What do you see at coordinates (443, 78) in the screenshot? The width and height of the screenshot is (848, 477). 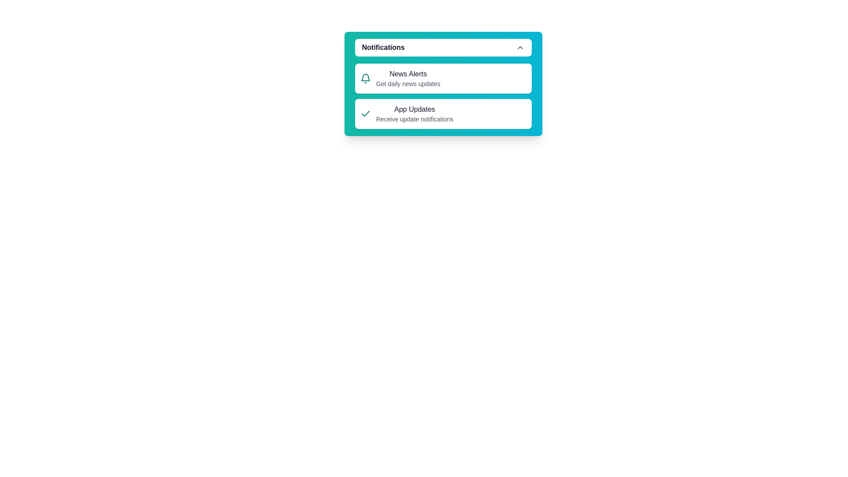 I see `the notification item News Alerts to highlight it` at bounding box center [443, 78].